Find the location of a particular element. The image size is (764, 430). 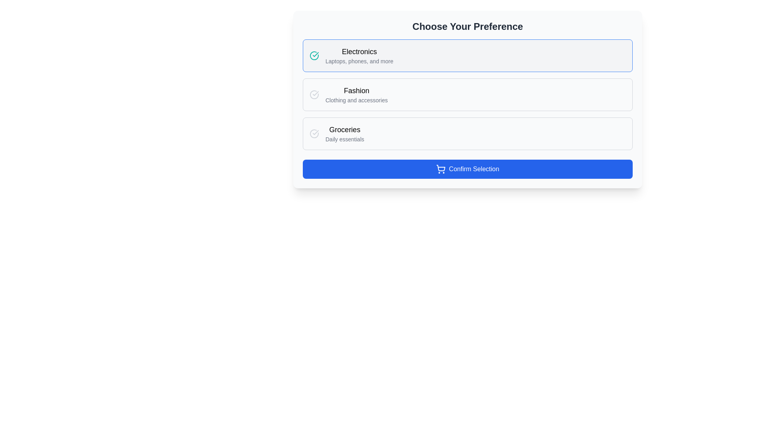

the 'Groceries' text label element within the selectable card option, which is the third card in the preference-selection interface is located at coordinates (345, 133).